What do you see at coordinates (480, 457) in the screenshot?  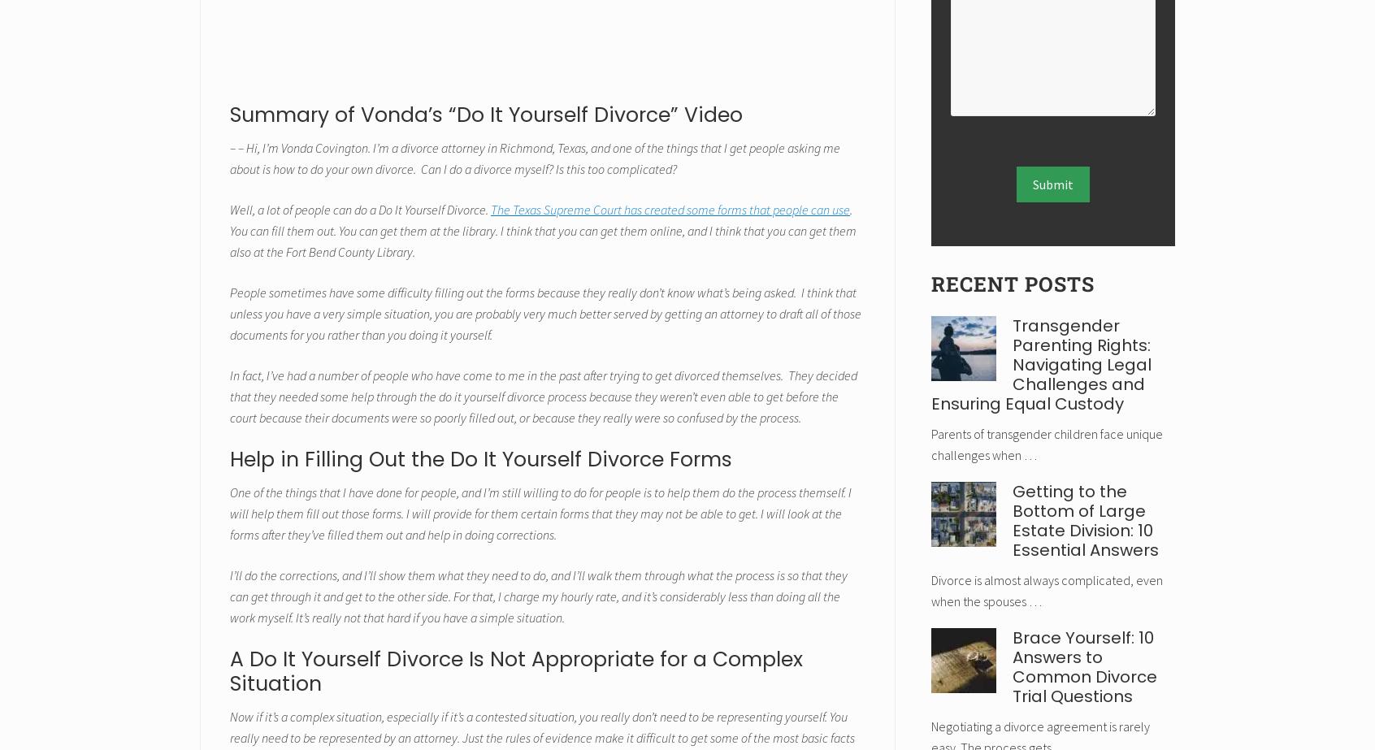 I see `'Help in Filling Out the Do It Yourself Divorce Forms'` at bounding box center [480, 457].